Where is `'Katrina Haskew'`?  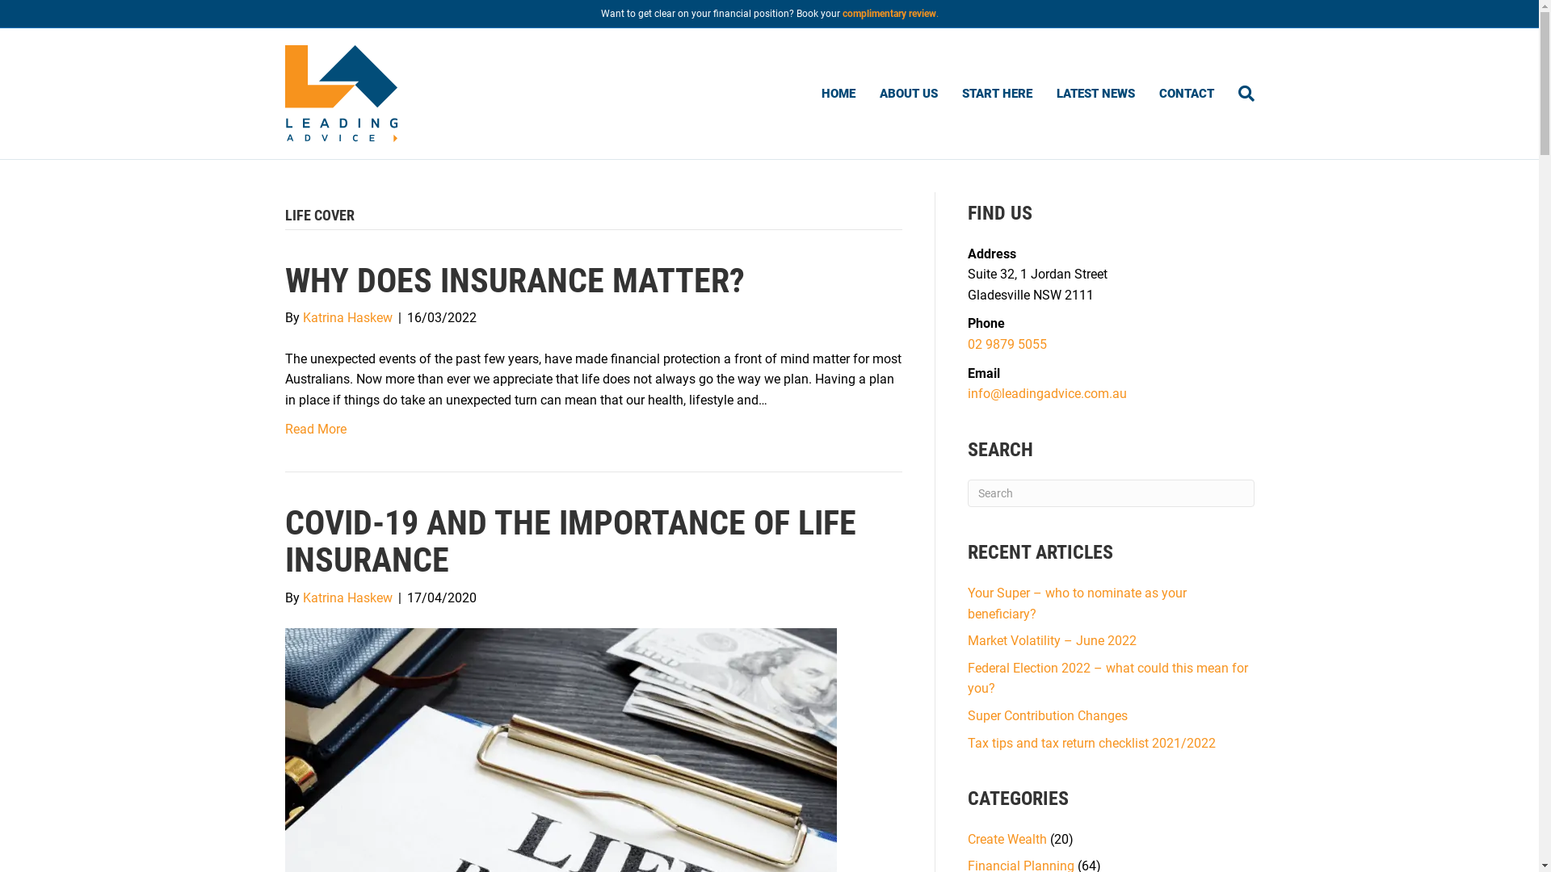 'Katrina Haskew' is located at coordinates (346, 317).